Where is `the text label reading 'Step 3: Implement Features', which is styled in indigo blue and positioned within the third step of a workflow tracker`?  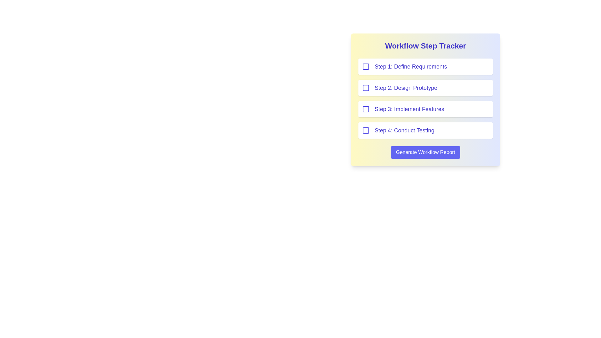
the text label reading 'Step 3: Implement Features', which is styled in indigo blue and positioned within the third step of a workflow tracker is located at coordinates (409, 109).